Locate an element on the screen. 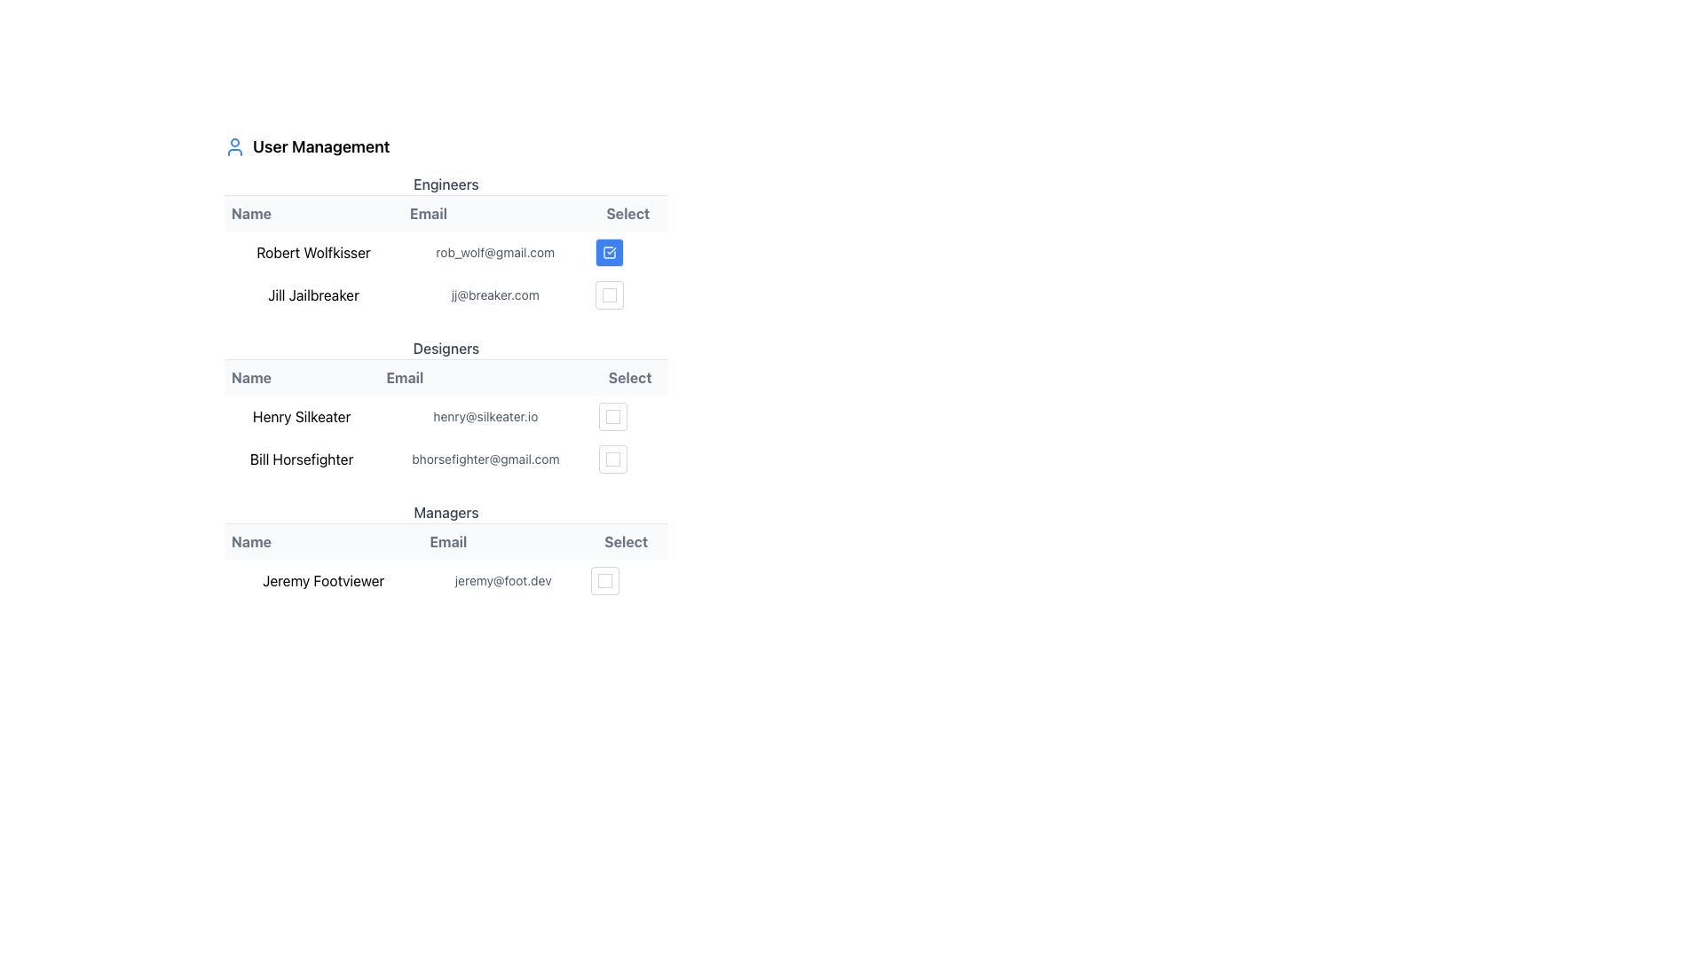 The width and height of the screenshot is (1704, 958). the checkbox next to the email address 'henry@silkeater.io' in the 'Designers' section is located at coordinates (613, 417).